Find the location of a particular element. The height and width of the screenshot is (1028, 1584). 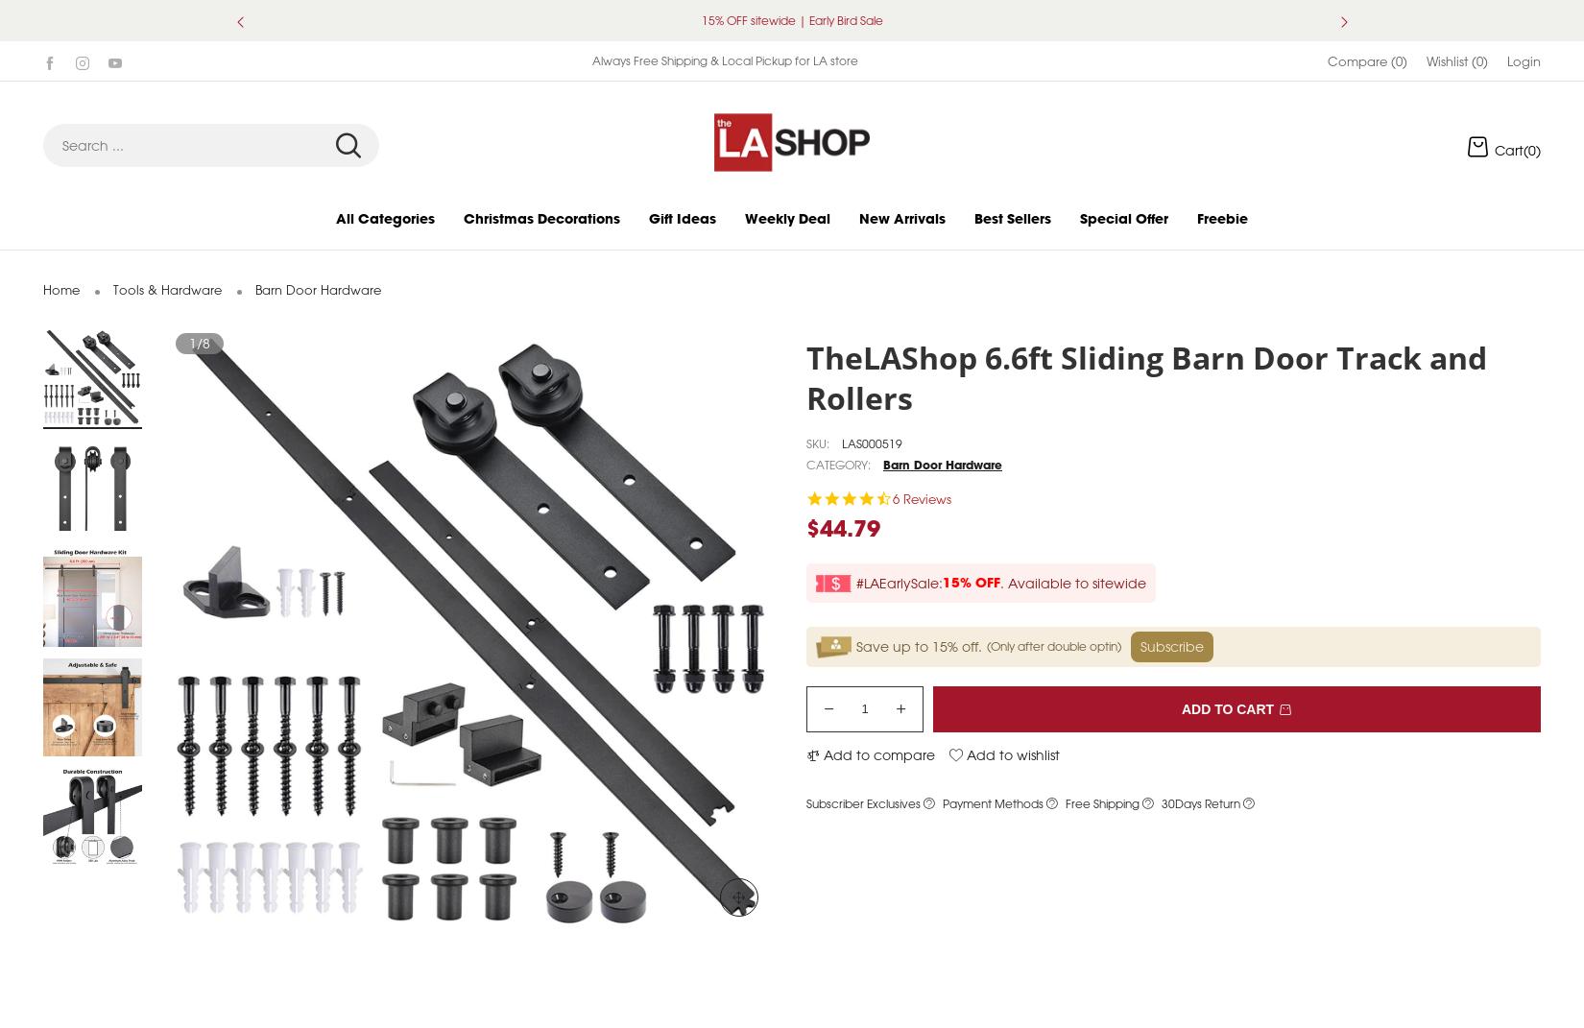

'Freebie' is located at coordinates (1221, 239).